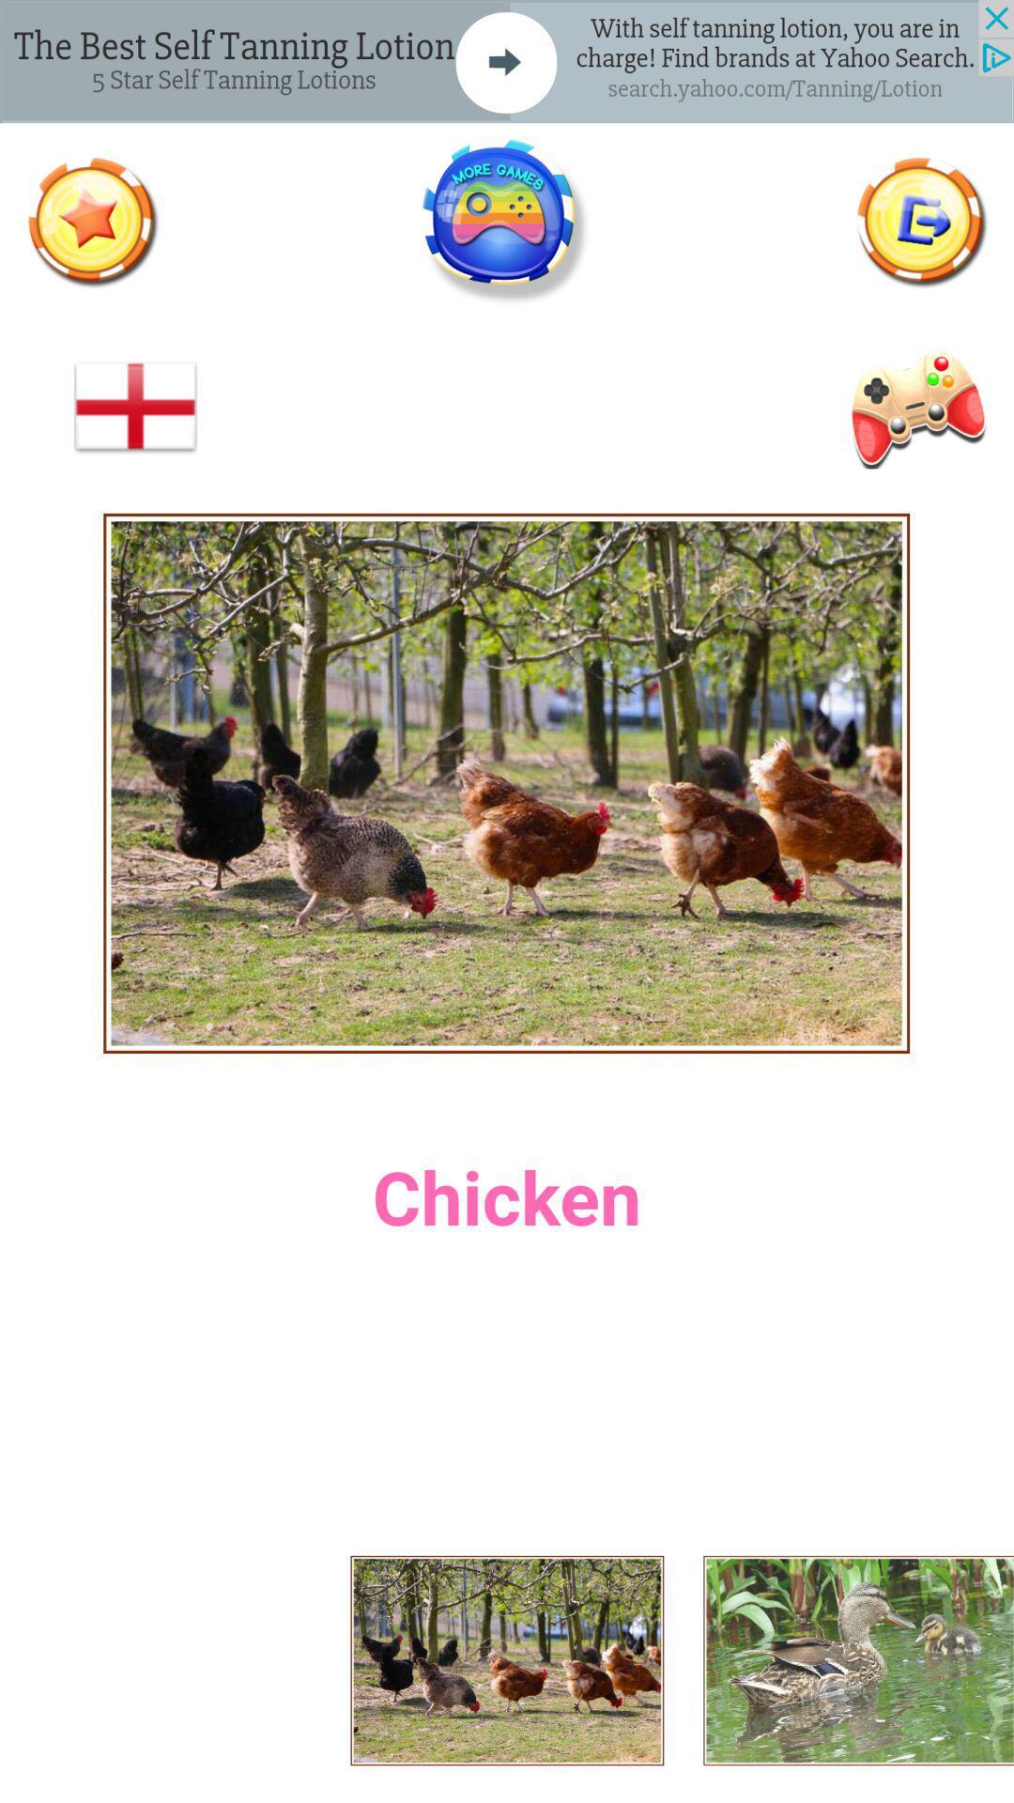 Image resolution: width=1014 pixels, height=1803 pixels. Describe the element at coordinates (505, 222) in the screenshot. I see `game` at that location.